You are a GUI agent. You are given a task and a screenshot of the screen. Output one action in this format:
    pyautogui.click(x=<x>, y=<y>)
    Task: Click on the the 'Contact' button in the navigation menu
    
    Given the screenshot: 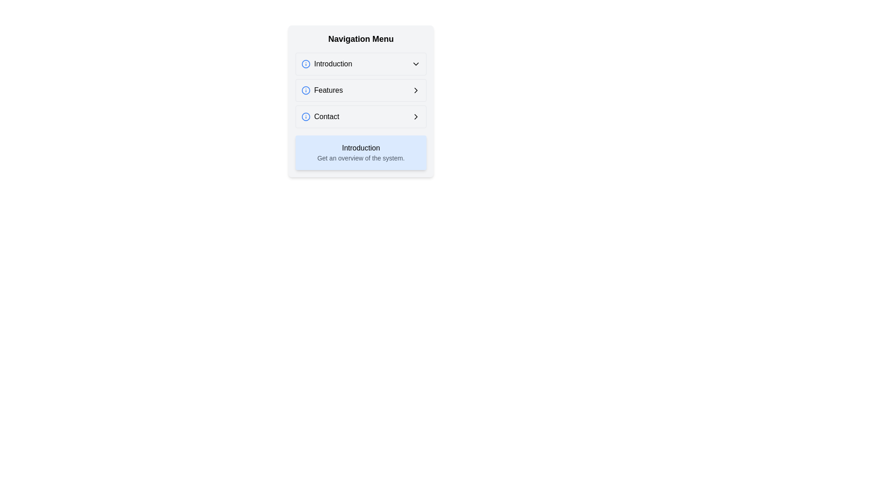 What is the action you would take?
    pyautogui.click(x=360, y=116)
    